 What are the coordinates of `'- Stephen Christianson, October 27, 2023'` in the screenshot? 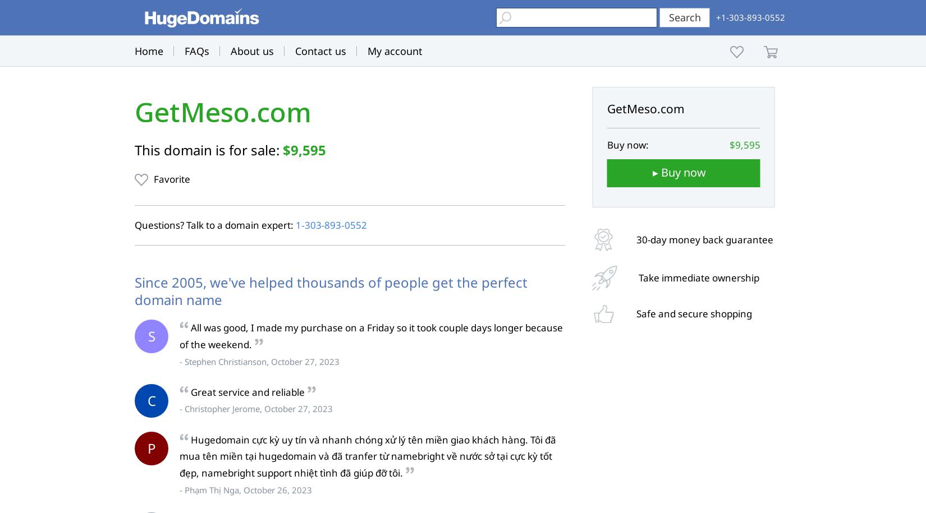 It's located at (179, 361).